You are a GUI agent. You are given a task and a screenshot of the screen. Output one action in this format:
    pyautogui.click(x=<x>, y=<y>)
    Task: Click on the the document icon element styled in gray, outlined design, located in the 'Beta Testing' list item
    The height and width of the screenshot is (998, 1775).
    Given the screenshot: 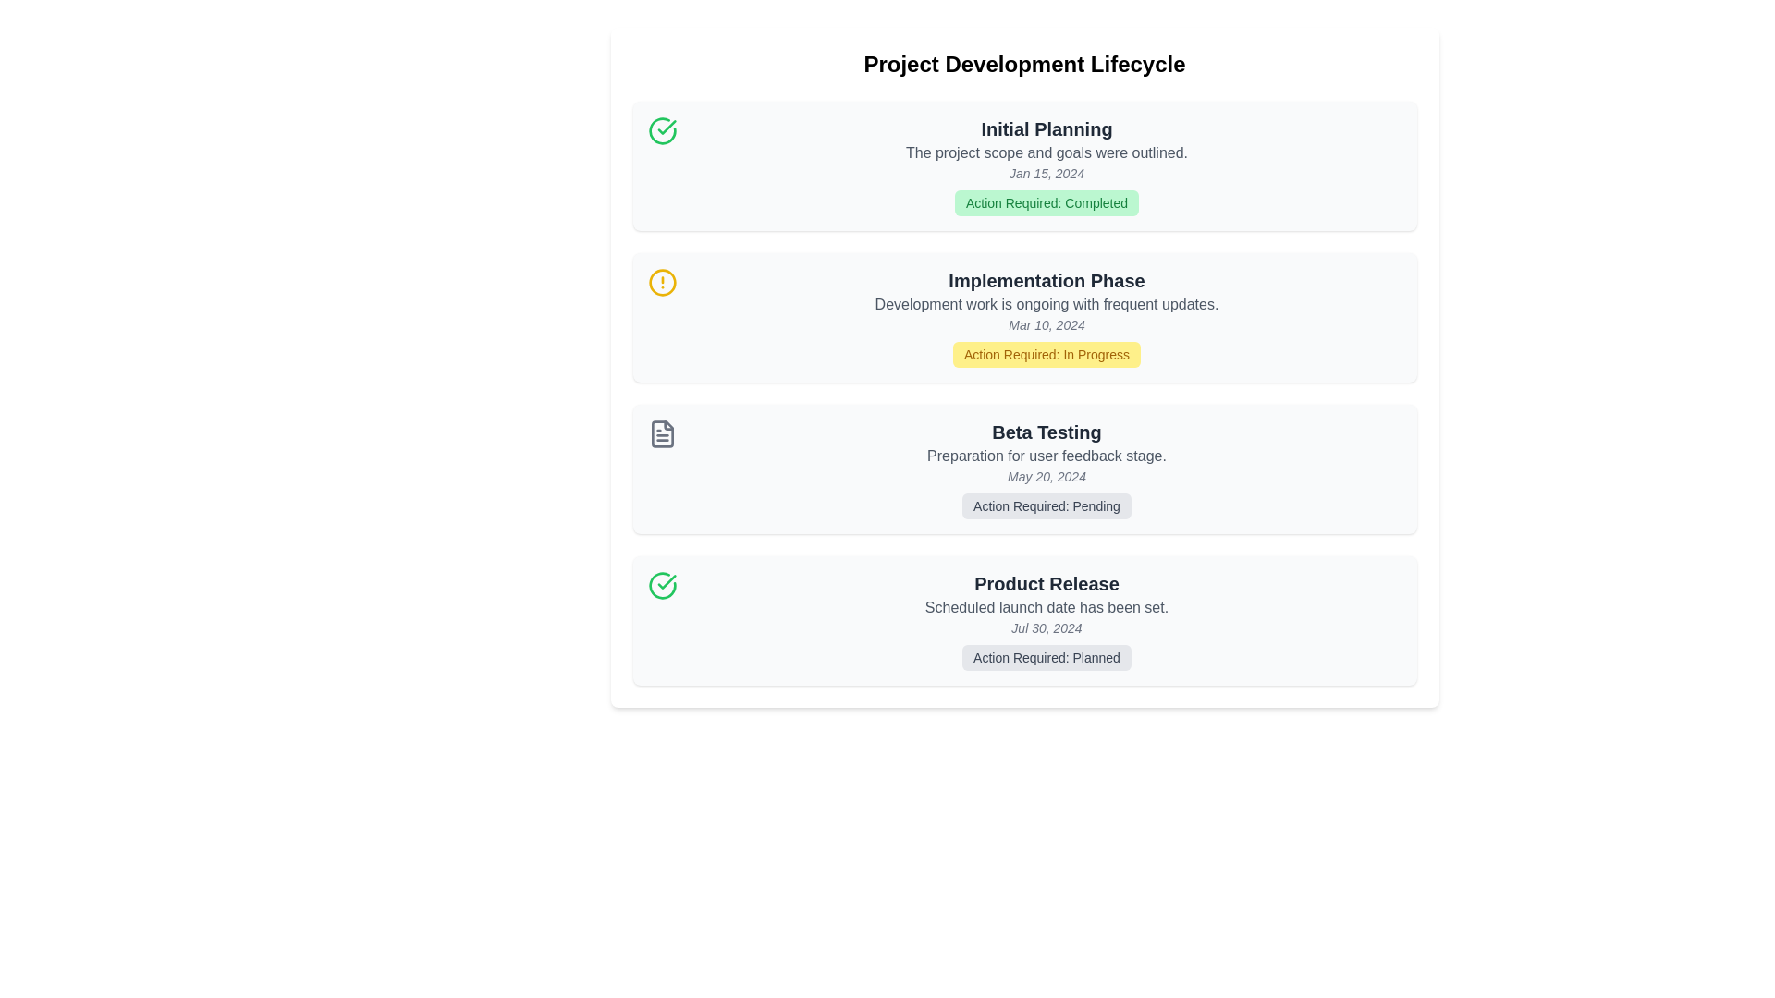 What is the action you would take?
    pyautogui.click(x=662, y=434)
    